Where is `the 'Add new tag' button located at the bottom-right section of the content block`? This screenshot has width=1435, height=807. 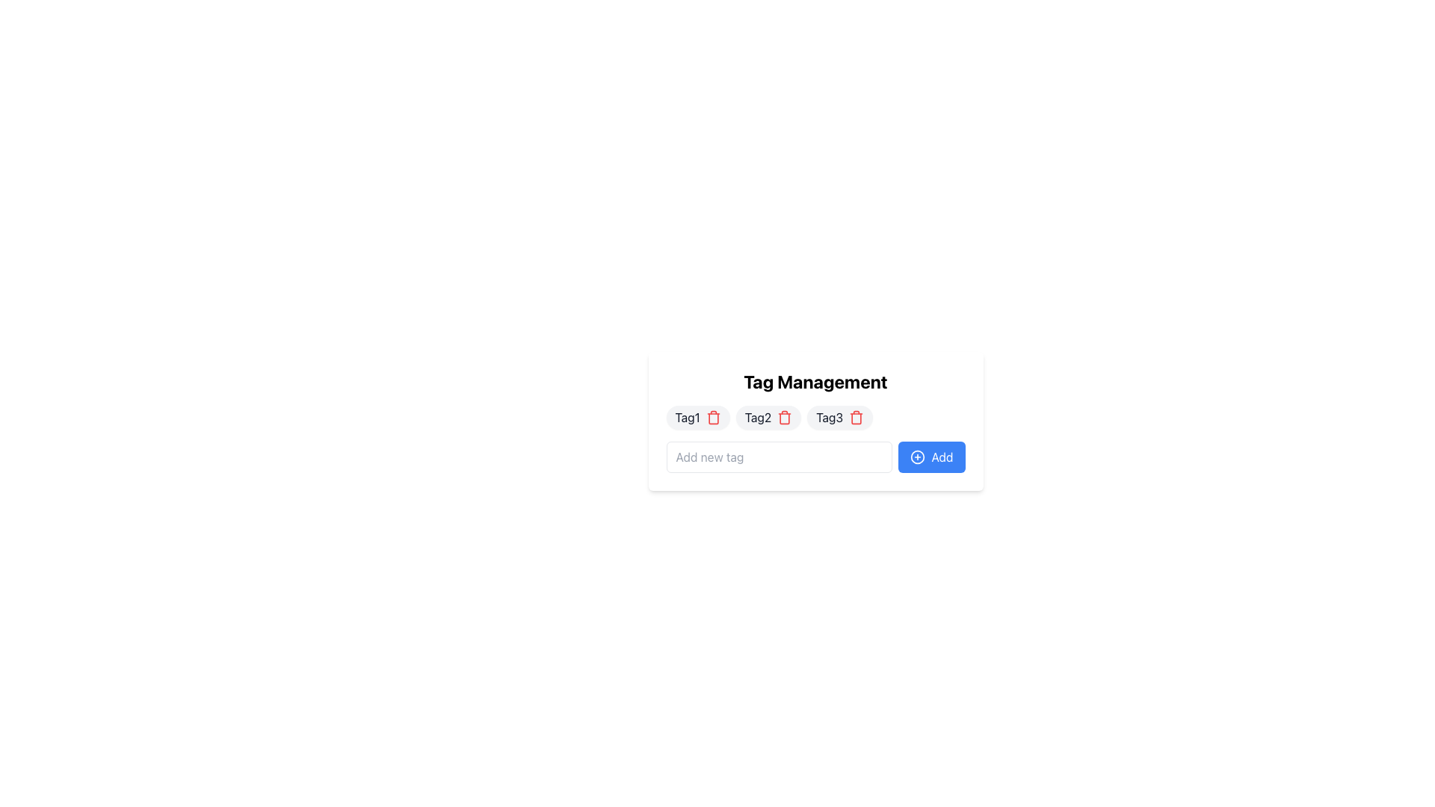 the 'Add new tag' button located at the bottom-right section of the content block is located at coordinates (931, 457).